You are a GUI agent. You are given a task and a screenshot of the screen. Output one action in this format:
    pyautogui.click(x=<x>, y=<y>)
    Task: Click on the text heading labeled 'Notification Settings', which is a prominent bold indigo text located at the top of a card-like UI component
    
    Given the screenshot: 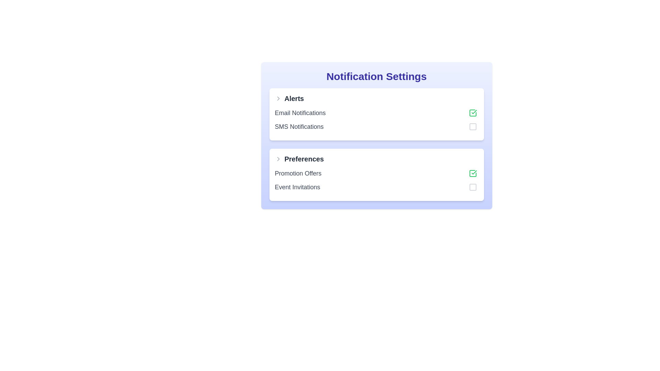 What is the action you would take?
    pyautogui.click(x=376, y=77)
    